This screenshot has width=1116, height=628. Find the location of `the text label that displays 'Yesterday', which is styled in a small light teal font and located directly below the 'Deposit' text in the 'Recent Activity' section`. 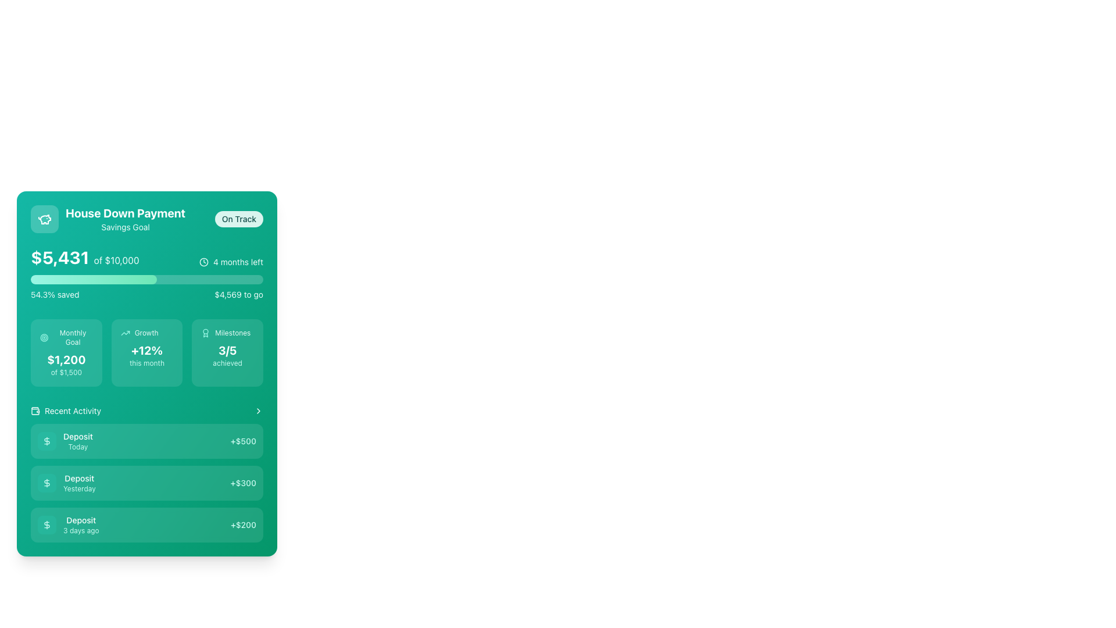

the text label that displays 'Yesterday', which is styled in a small light teal font and located directly below the 'Deposit' text in the 'Recent Activity' section is located at coordinates (78, 488).